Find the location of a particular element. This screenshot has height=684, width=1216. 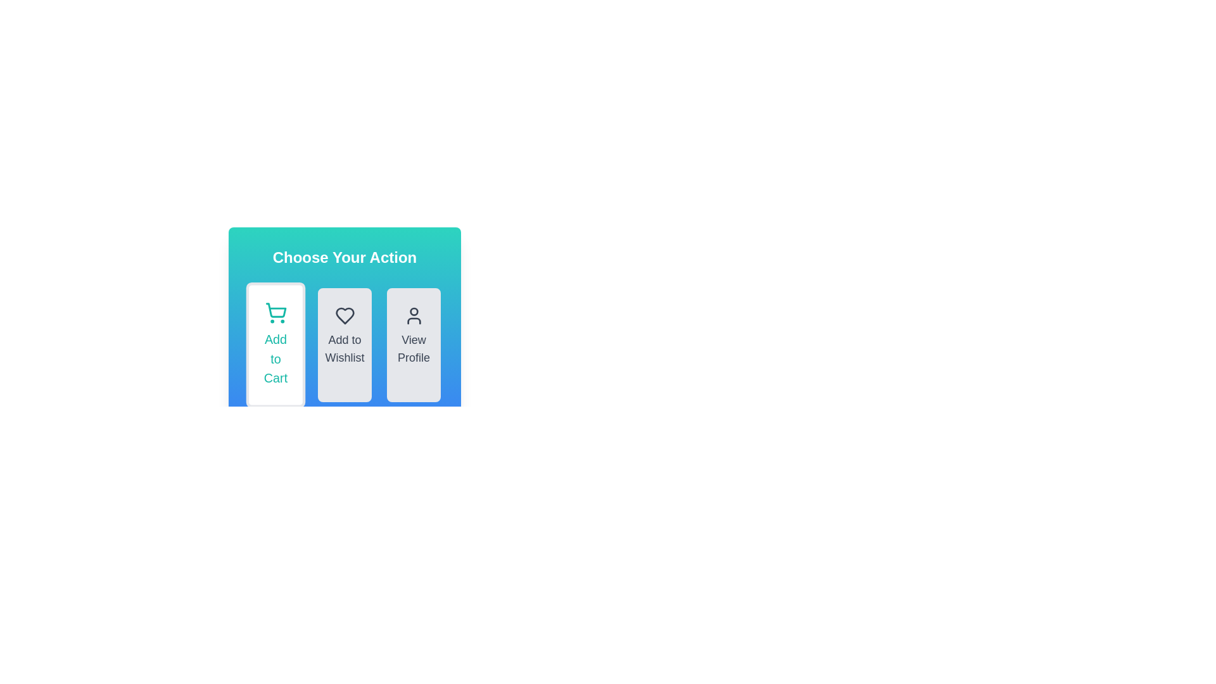

the button that adds an item to the user's wishlist, located between the 'Add to Cart' and 'View Profile' buttons is located at coordinates (345, 324).